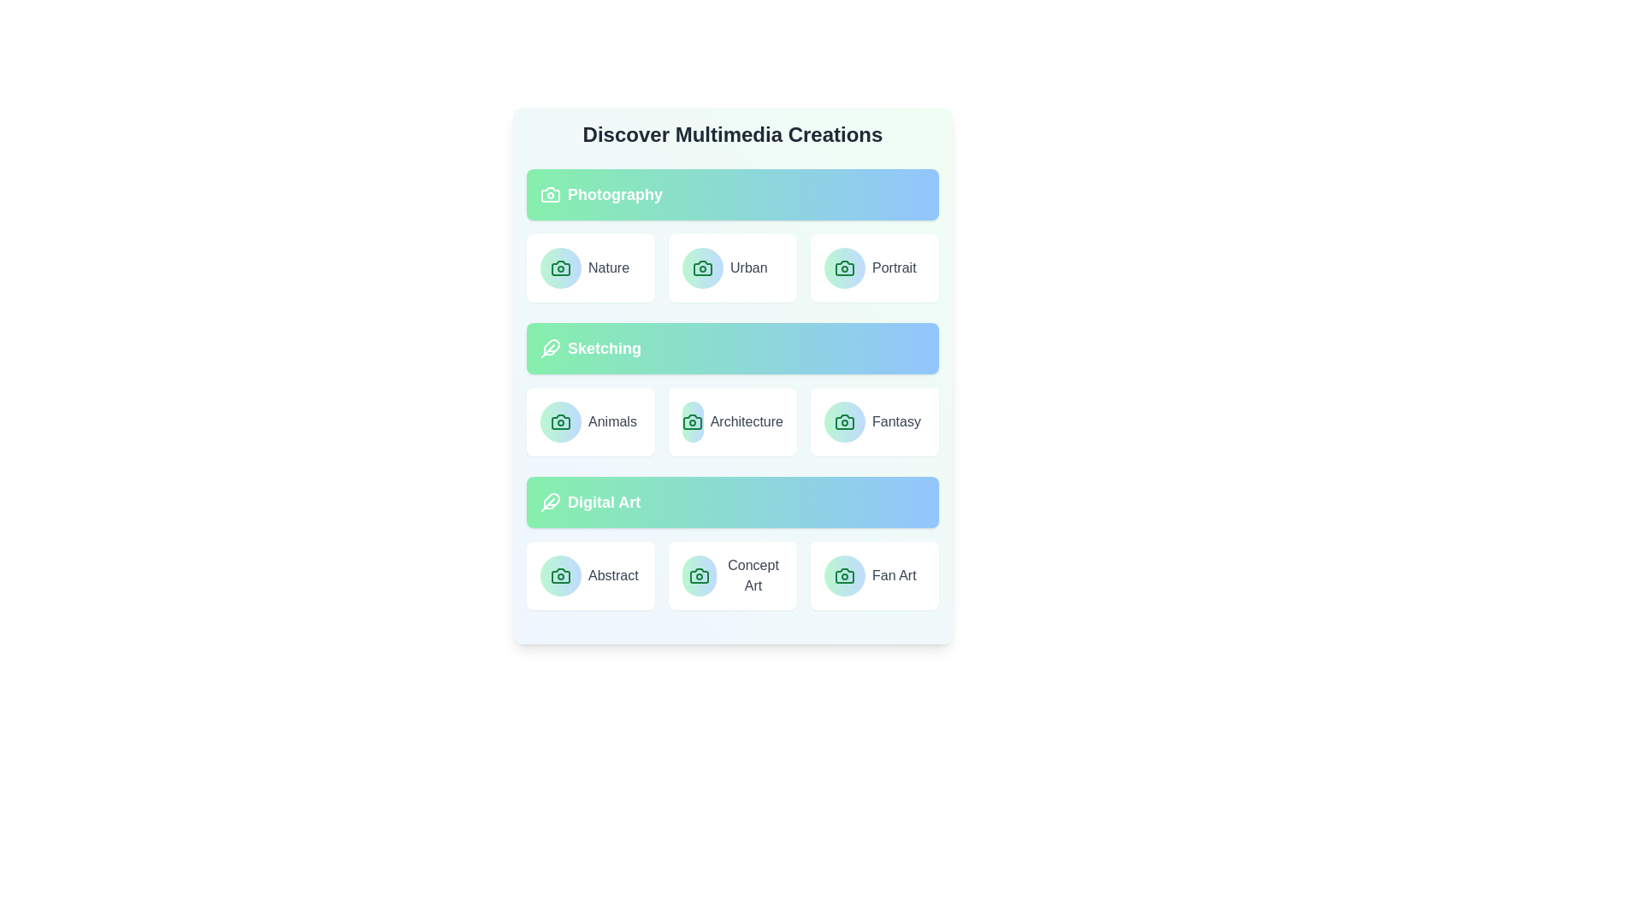 Image resolution: width=1642 pixels, height=923 pixels. What do you see at coordinates (733, 576) in the screenshot?
I see `the item Concept Art within the category Digital Art` at bounding box center [733, 576].